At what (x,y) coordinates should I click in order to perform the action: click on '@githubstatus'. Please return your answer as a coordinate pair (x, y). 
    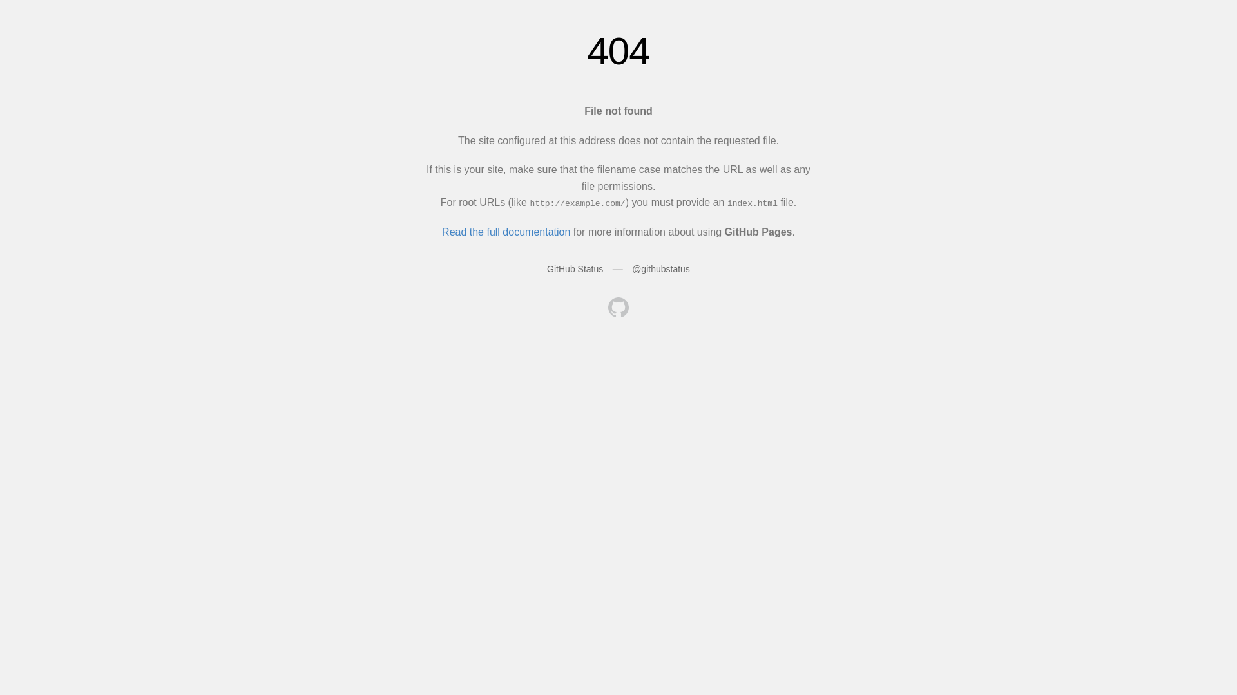
    Looking at the image, I should click on (631, 268).